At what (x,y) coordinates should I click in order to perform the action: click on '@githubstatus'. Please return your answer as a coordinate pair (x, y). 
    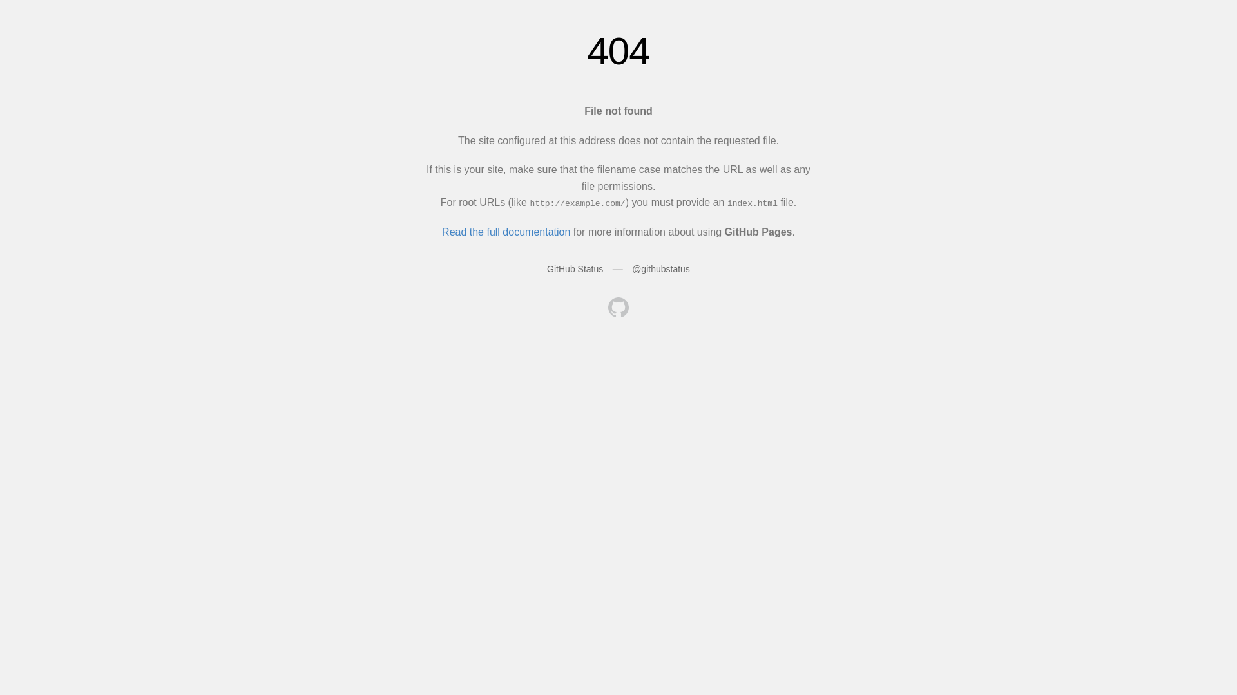
    Looking at the image, I should click on (631, 268).